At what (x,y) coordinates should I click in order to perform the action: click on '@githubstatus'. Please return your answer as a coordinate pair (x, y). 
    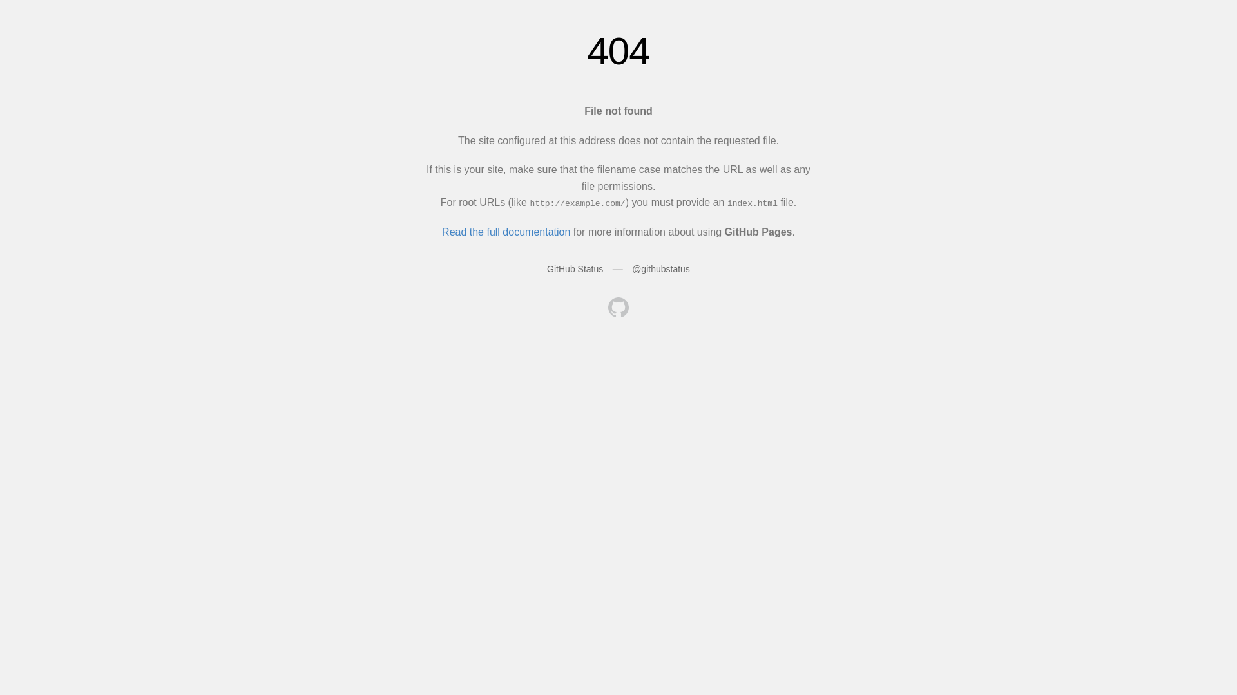
    Looking at the image, I should click on (631, 268).